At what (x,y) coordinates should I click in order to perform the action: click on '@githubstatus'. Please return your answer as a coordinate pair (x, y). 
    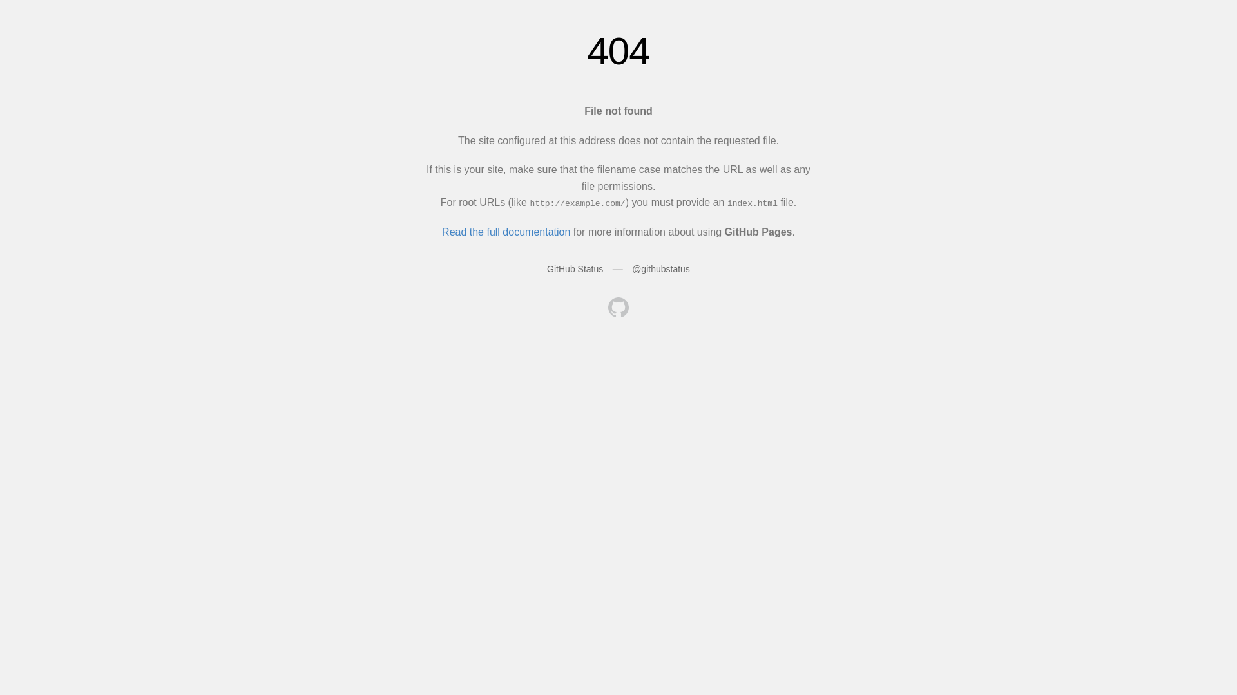
    Looking at the image, I should click on (631, 268).